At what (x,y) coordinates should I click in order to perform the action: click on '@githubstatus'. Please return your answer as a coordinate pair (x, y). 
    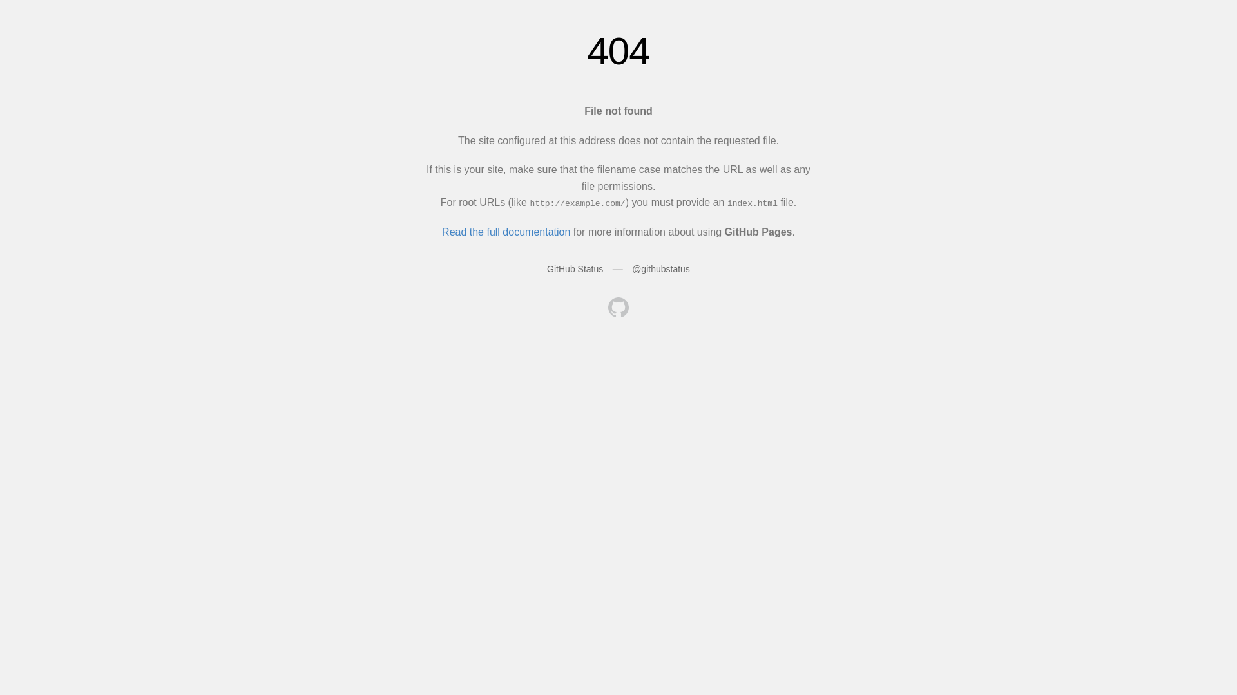
    Looking at the image, I should click on (631, 268).